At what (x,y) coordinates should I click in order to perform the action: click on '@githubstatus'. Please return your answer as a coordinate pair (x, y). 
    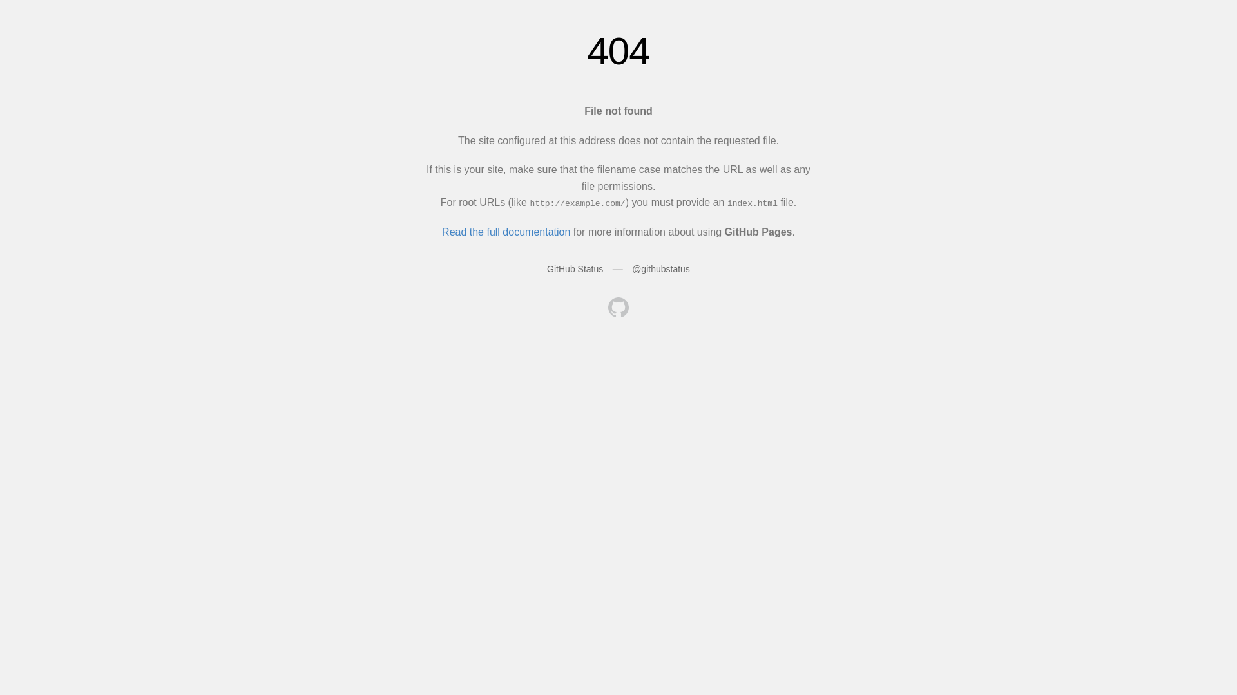
    Looking at the image, I should click on (631, 268).